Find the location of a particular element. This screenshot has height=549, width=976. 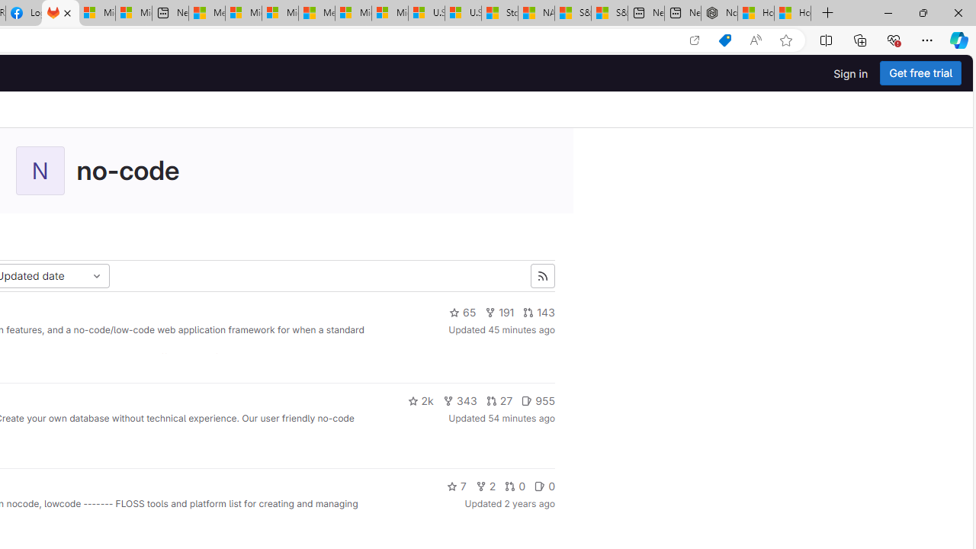

'Get free trial' is located at coordinates (920, 73).